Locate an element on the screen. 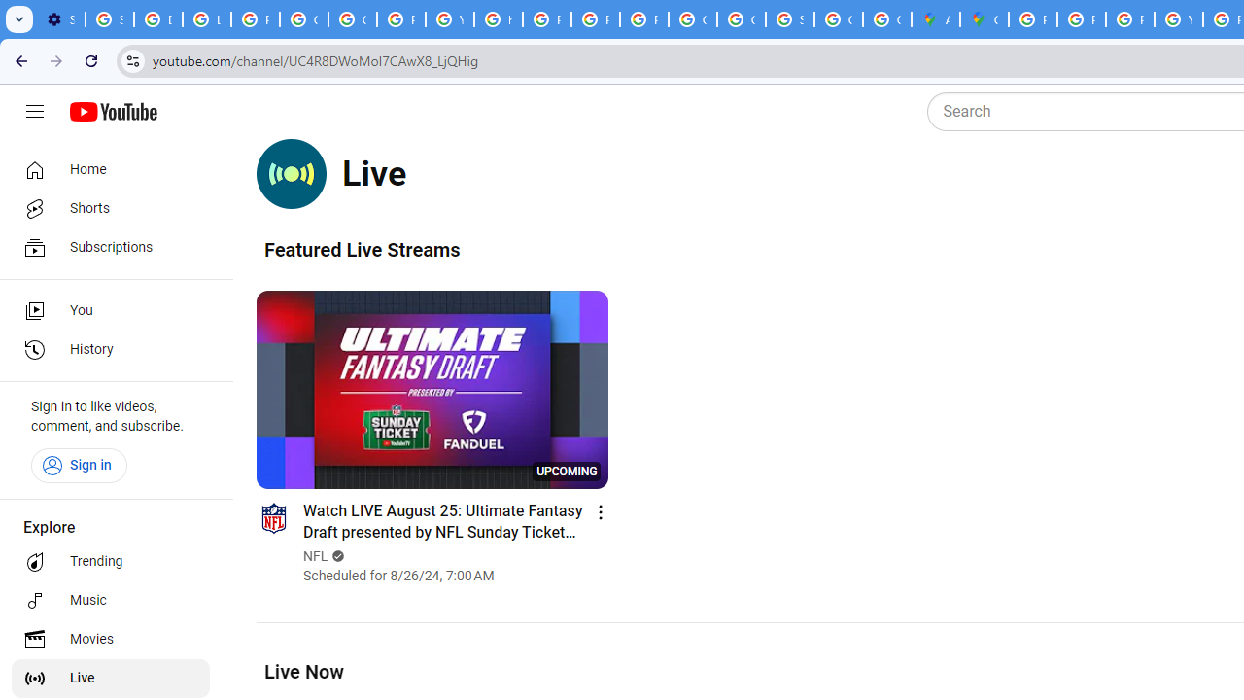 The height and width of the screenshot is (700, 1244). 'Guide' is located at coordinates (34, 112).